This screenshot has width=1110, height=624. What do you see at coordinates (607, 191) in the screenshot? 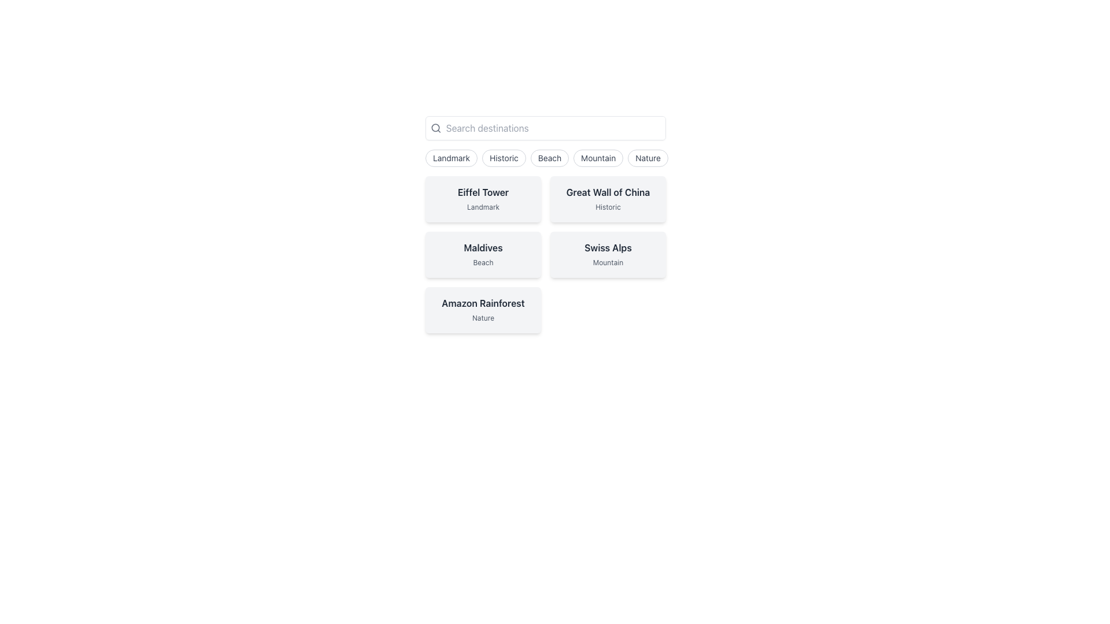
I see `the label indicating 'Great Wall of China' located in the second row and second column of the grid layout, which is above the text 'Historic'` at bounding box center [607, 191].